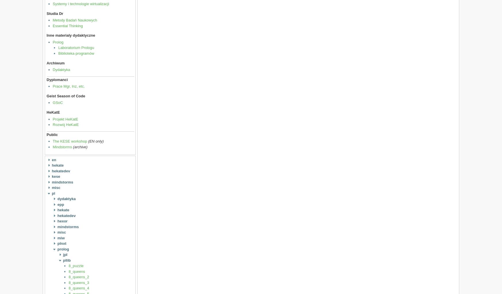 The width and height of the screenshot is (502, 294). I want to click on 'dydaktyka', so click(66, 199).